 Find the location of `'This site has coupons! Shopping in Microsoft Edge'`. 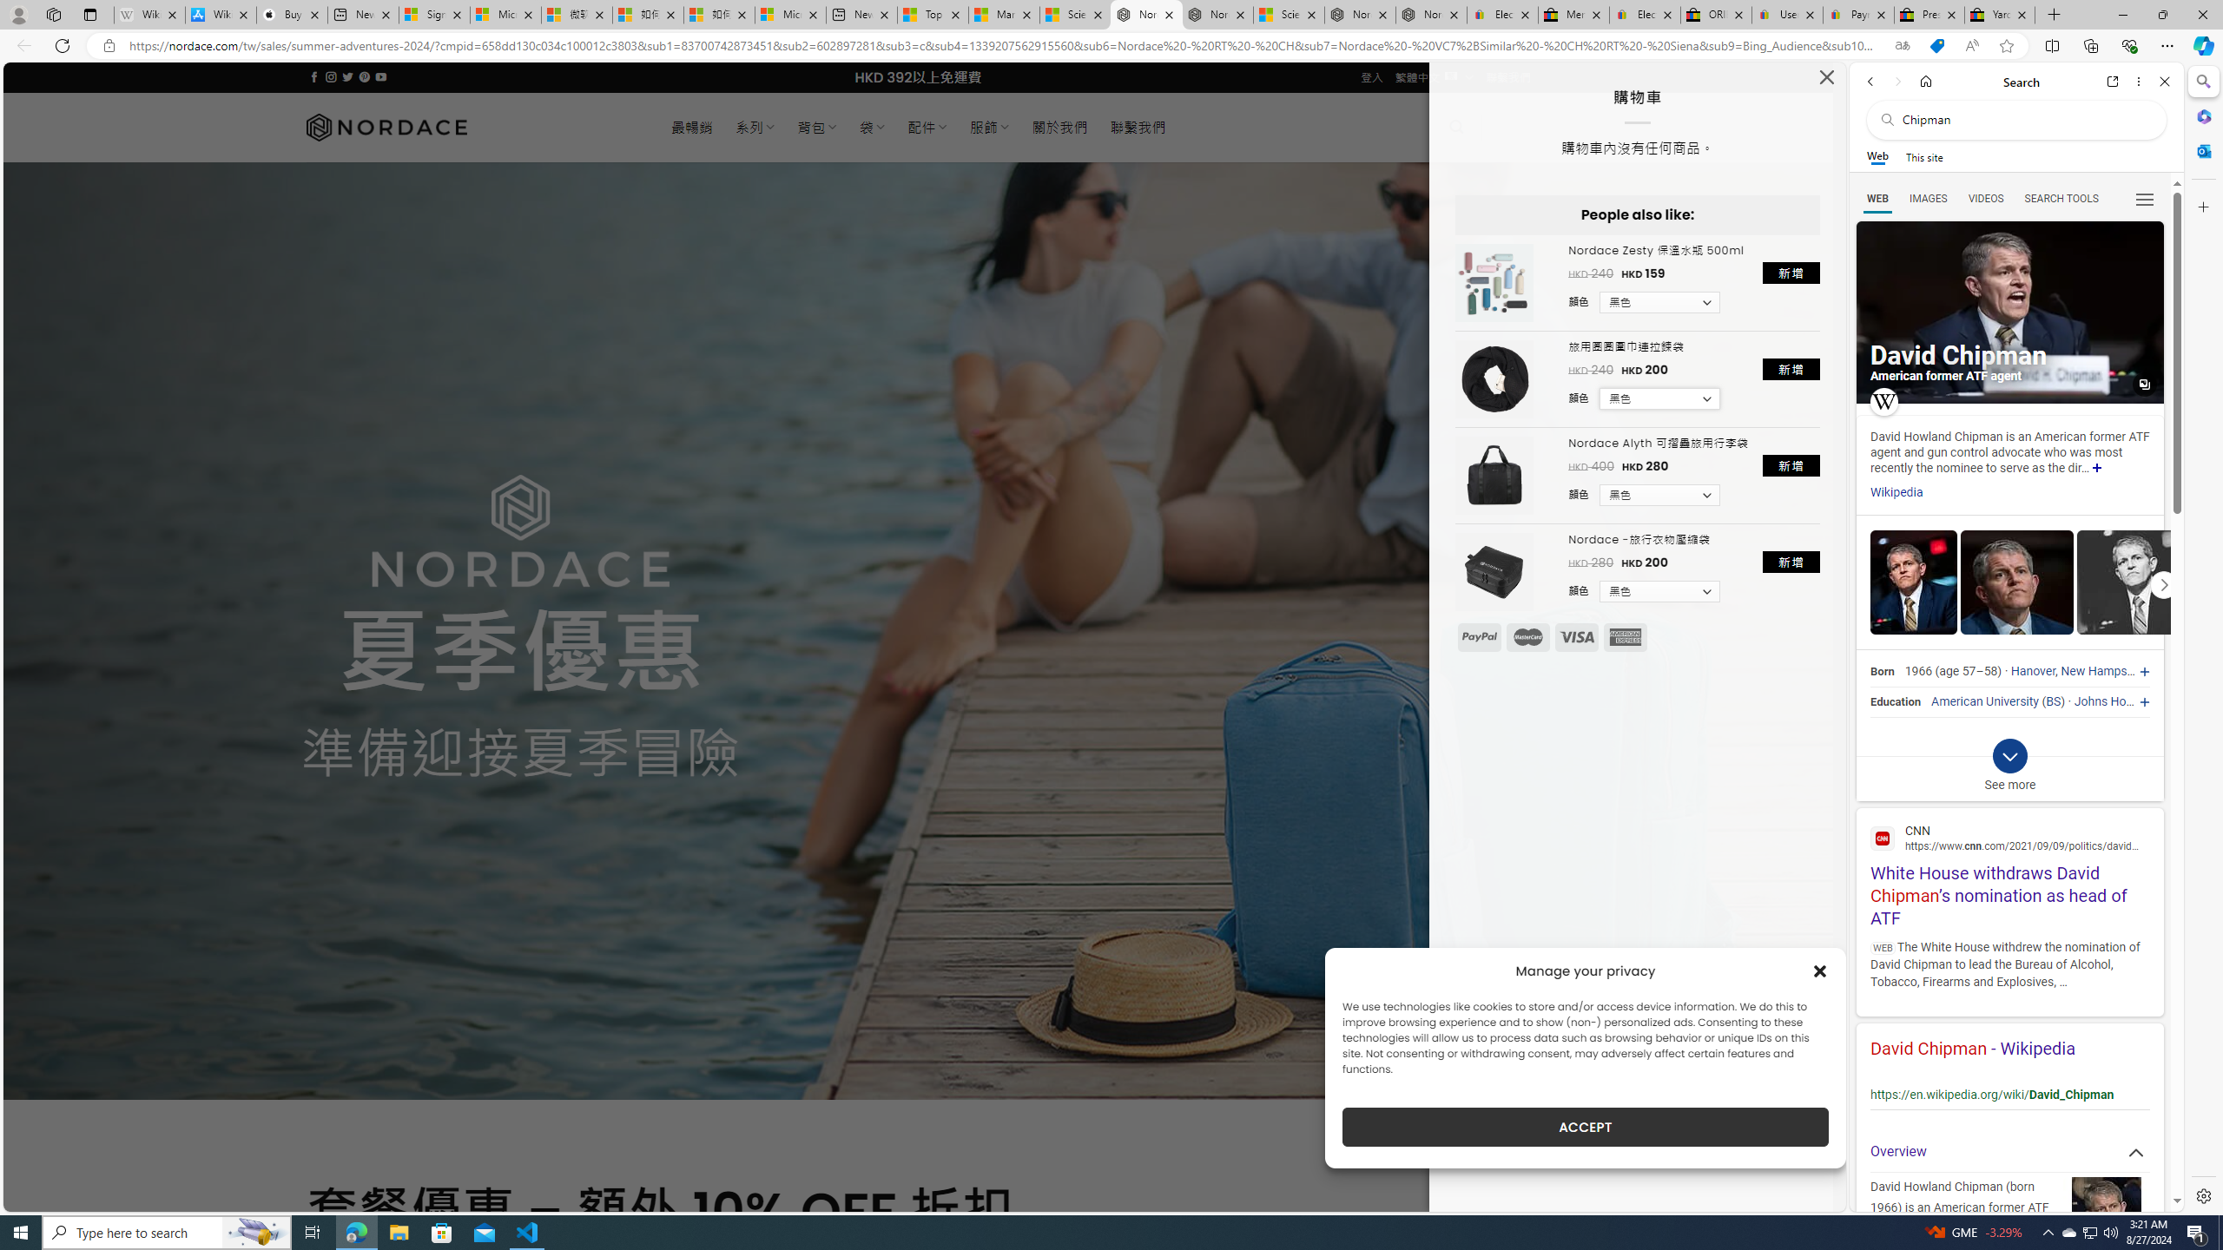

'This site has coupons! Shopping in Microsoft Edge' is located at coordinates (1936, 46).